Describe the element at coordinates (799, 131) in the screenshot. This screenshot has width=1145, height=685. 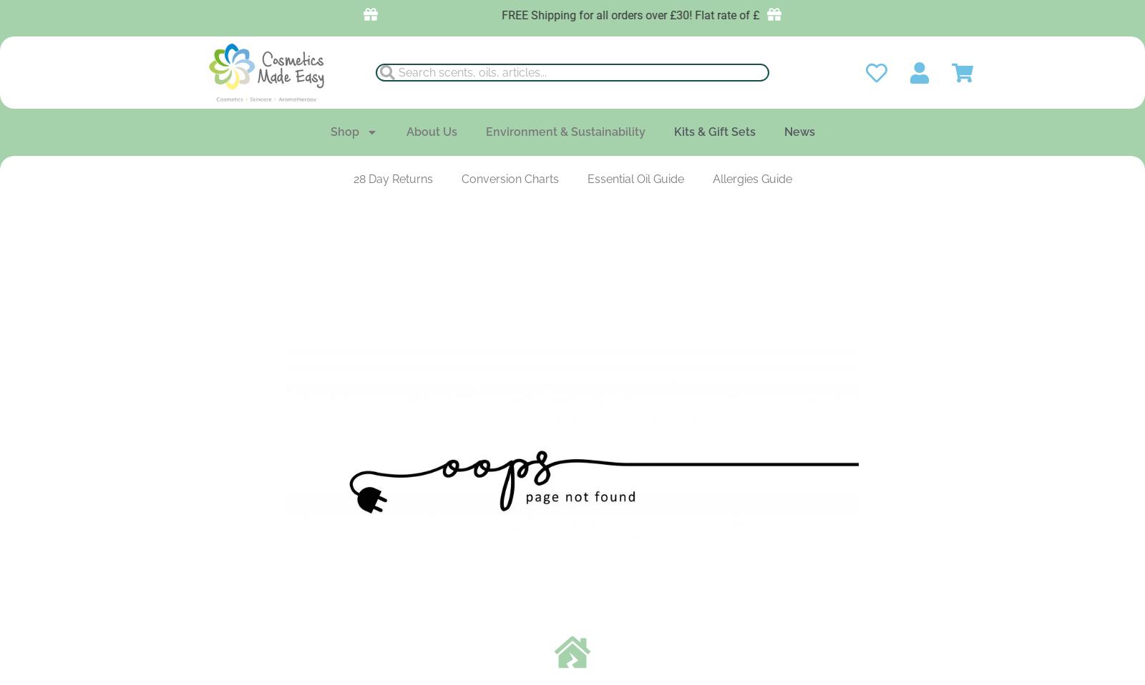
I see `'News'` at that location.